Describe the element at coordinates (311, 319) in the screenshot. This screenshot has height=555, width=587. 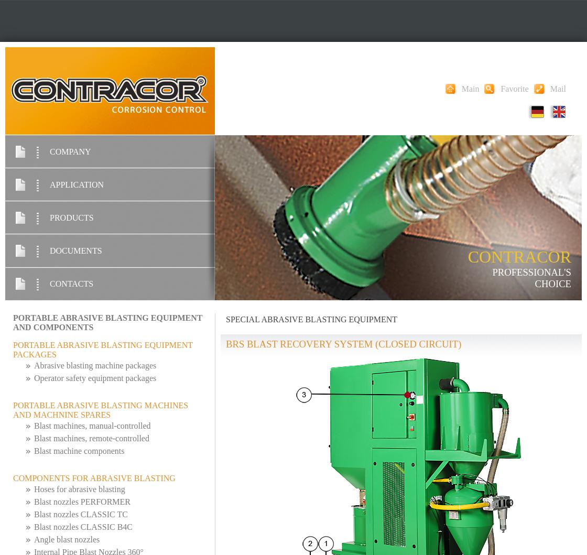
I see `'SPECIAL ABRASIVE BLASTING EQUIPMENT'` at that location.